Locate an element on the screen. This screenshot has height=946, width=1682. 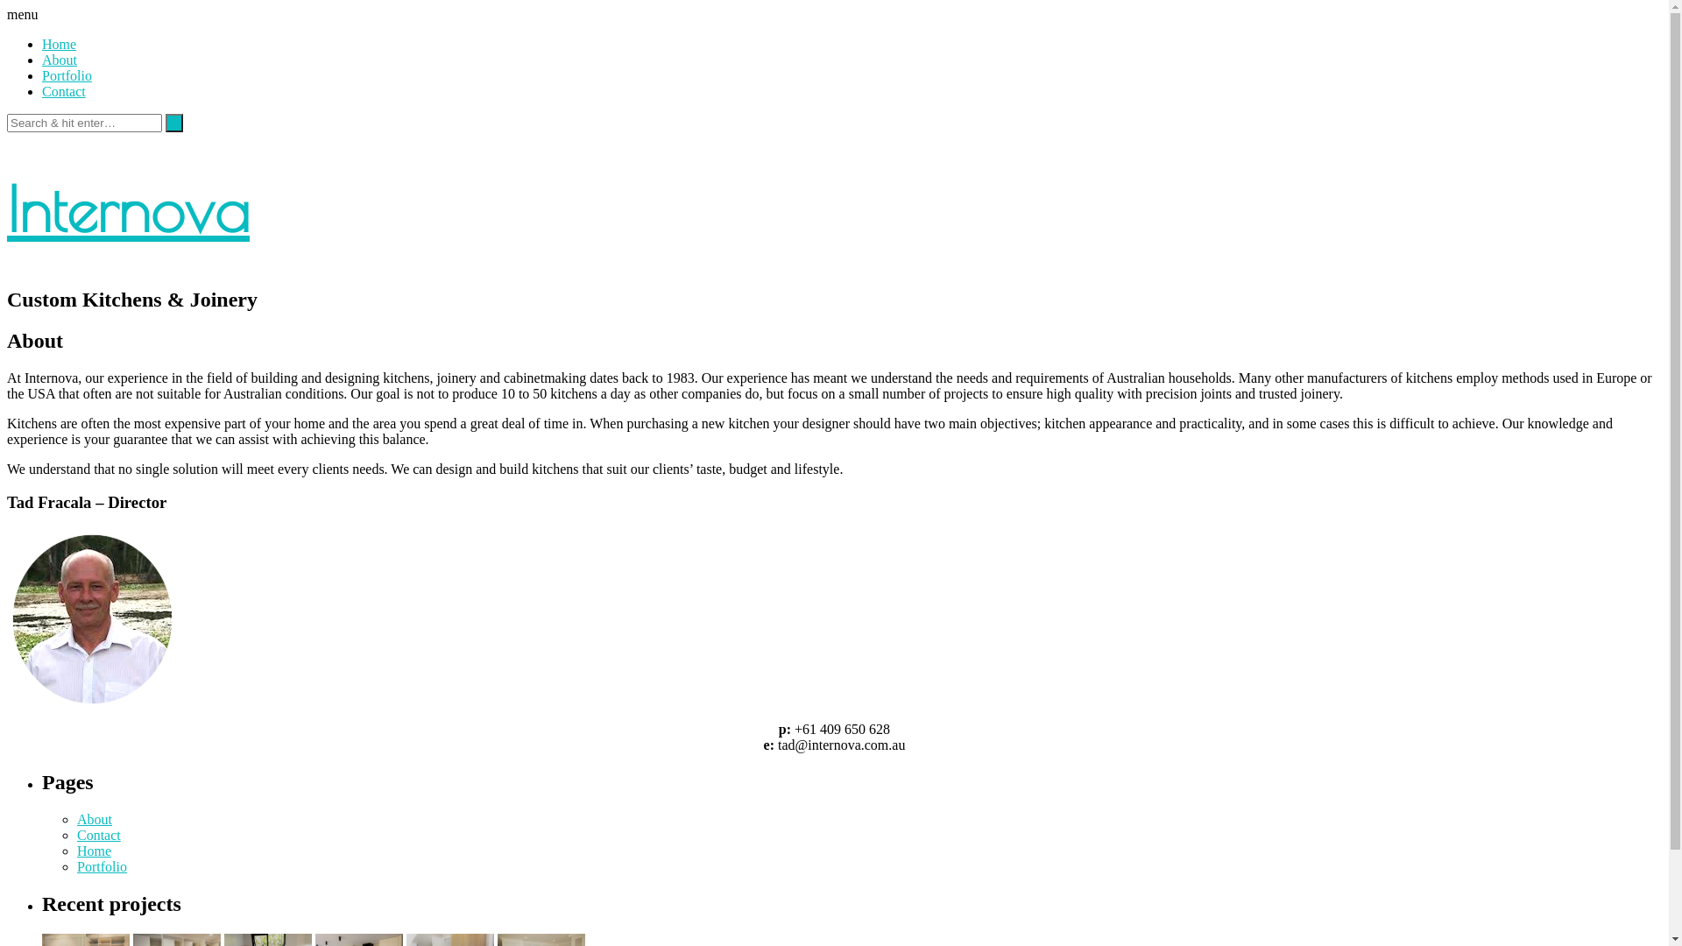
'Contact' is located at coordinates (42, 91).